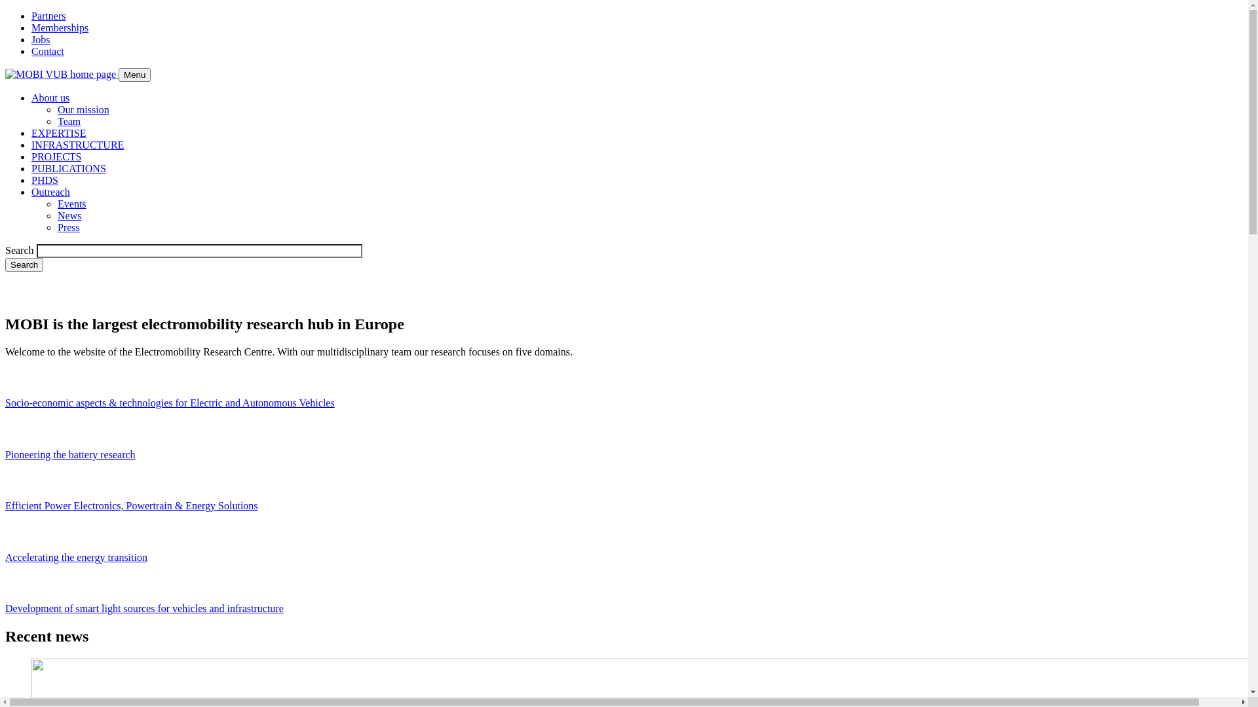  Describe the element at coordinates (75, 557) in the screenshot. I see `'Accelerating the energy transition'` at that location.